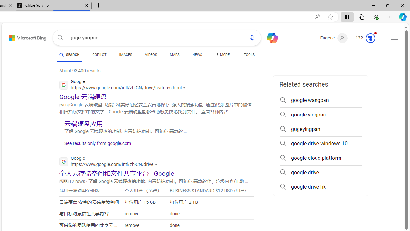  What do you see at coordinates (69, 54) in the screenshot?
I see `'SEARCH'` at bounding box center [69, 54].